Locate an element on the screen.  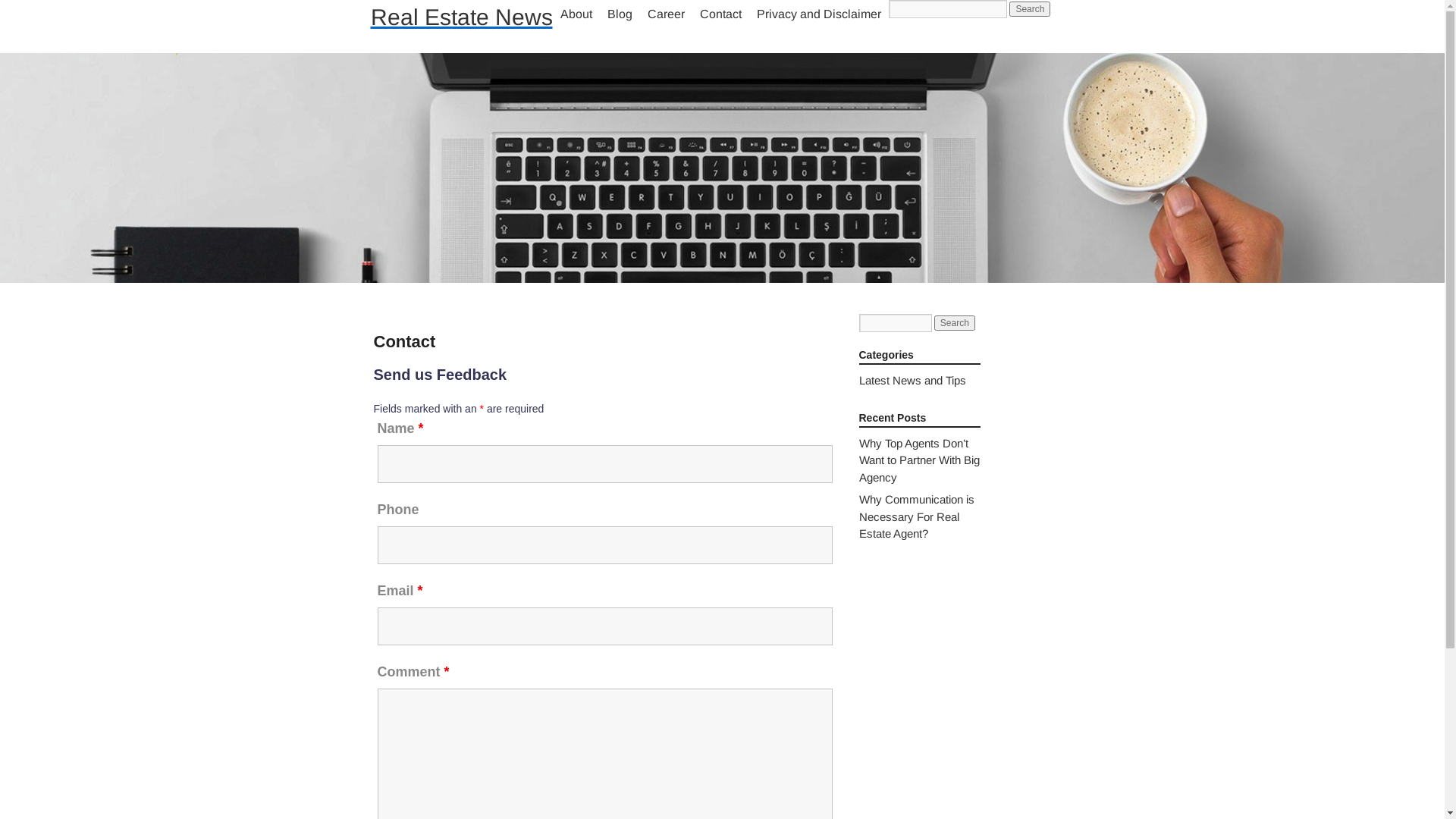
'Search' is located at coordinates (953, 322).